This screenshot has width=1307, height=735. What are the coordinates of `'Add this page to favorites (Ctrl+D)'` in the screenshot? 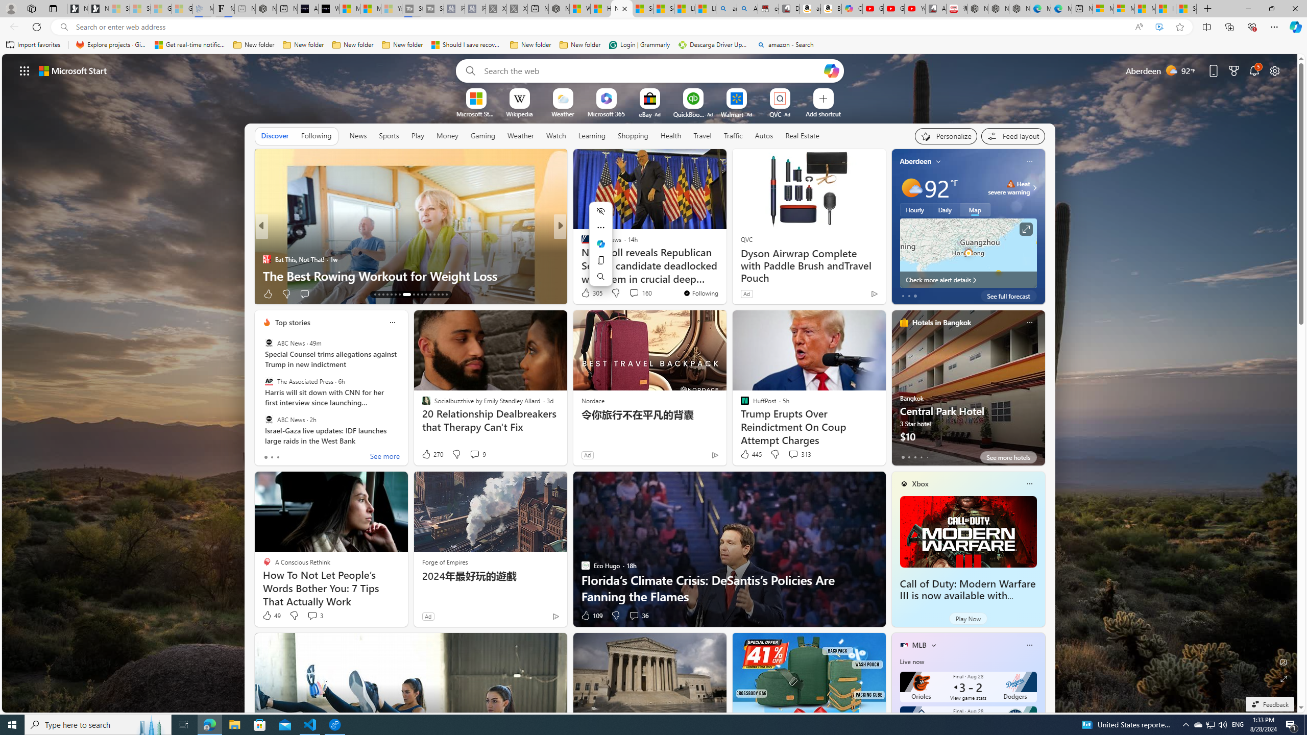 It's located at (1180, 27).